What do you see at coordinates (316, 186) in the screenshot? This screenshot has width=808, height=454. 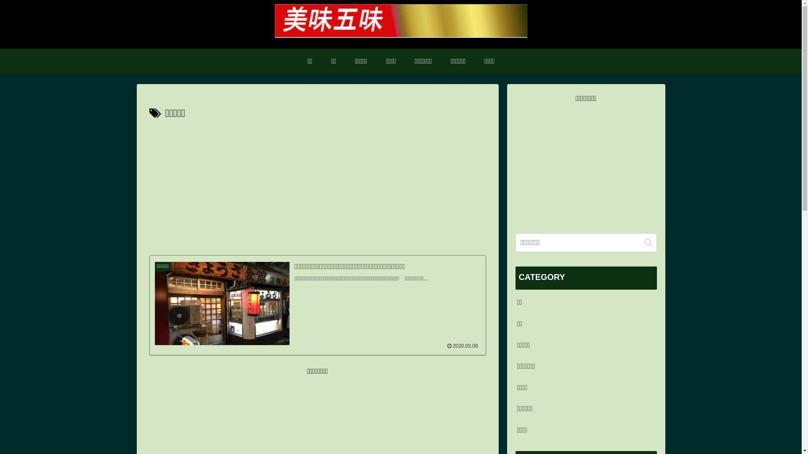 I see `'Advertisement'` at bounding box center [316, 186].